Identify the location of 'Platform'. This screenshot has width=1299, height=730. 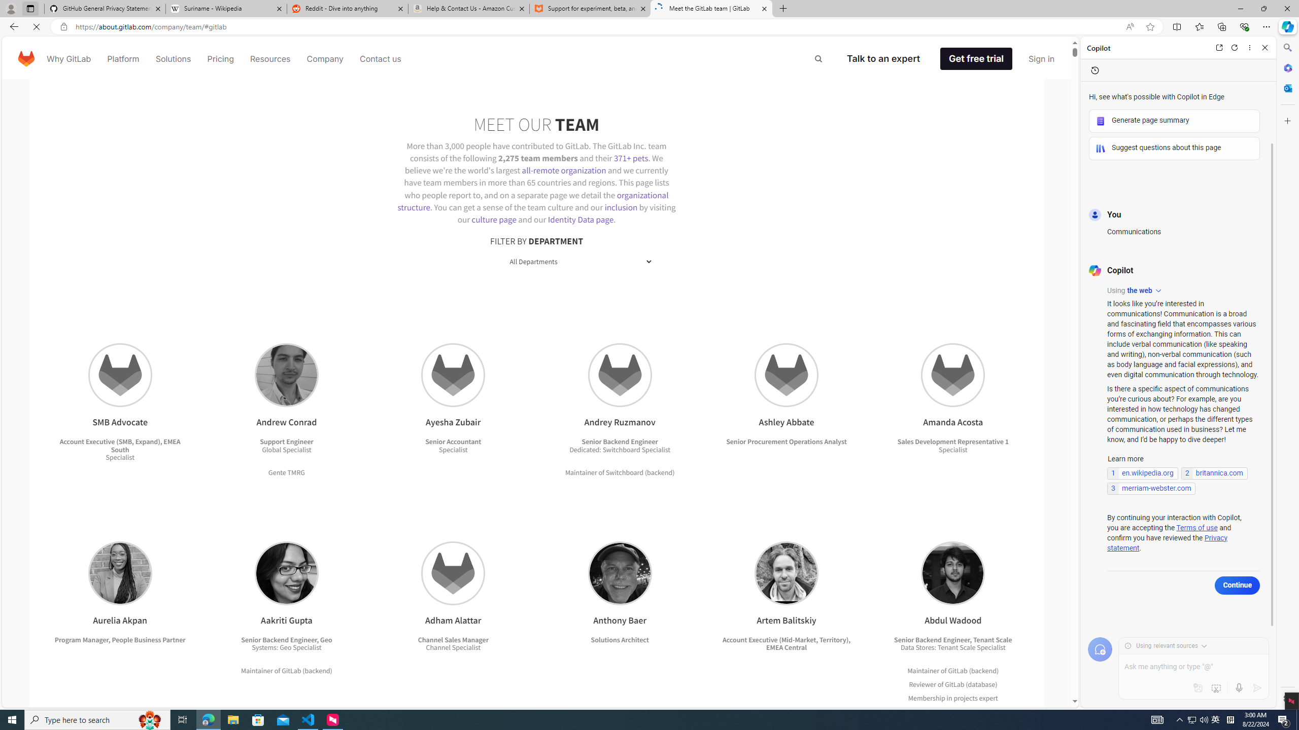
(123, 58).